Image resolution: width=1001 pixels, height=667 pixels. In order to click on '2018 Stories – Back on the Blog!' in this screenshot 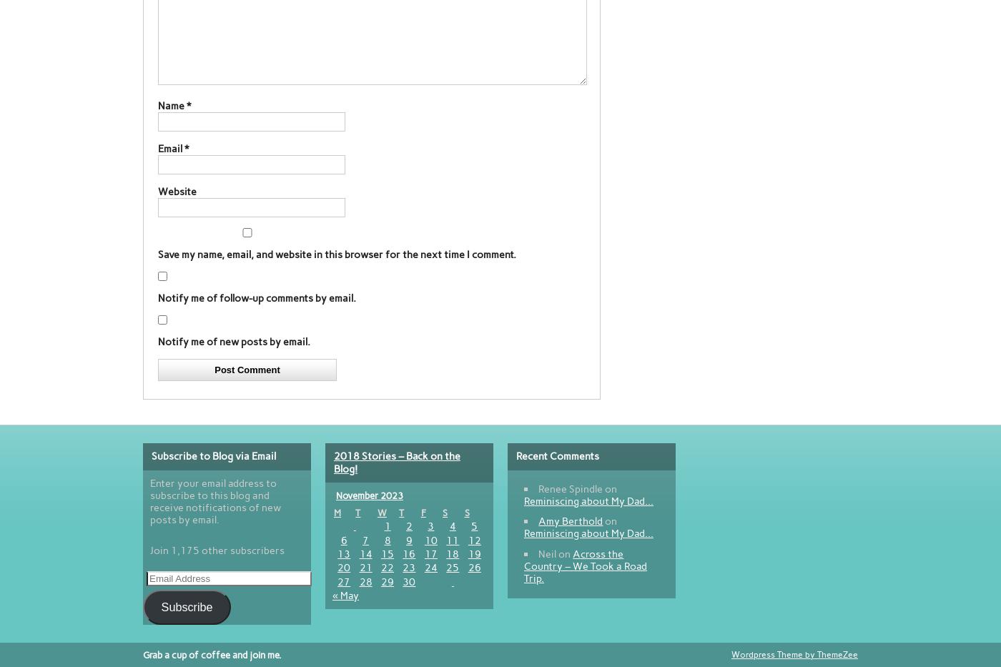, I will do `click(397, 461)`.